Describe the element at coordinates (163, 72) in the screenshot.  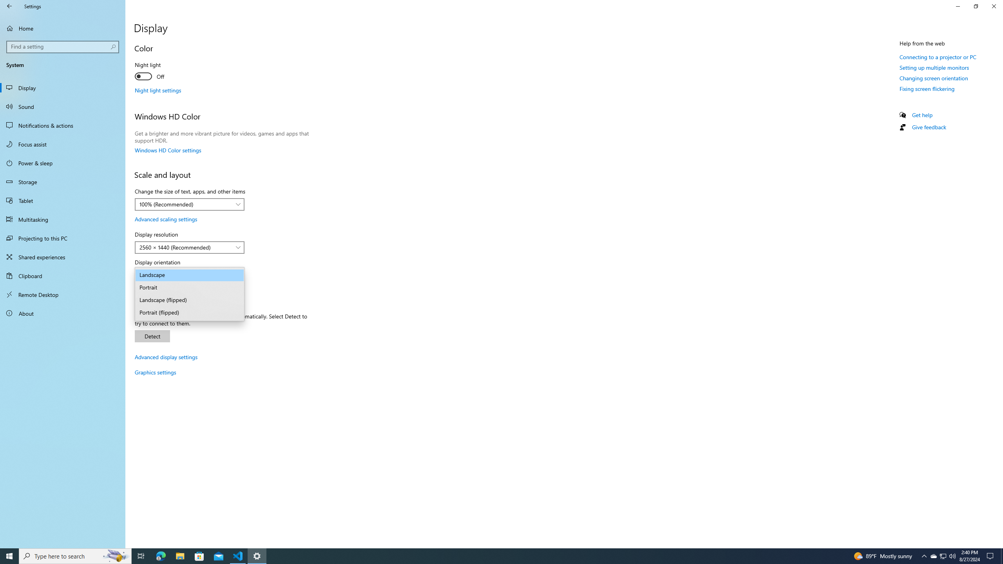
I see `'Night light'` at that location.